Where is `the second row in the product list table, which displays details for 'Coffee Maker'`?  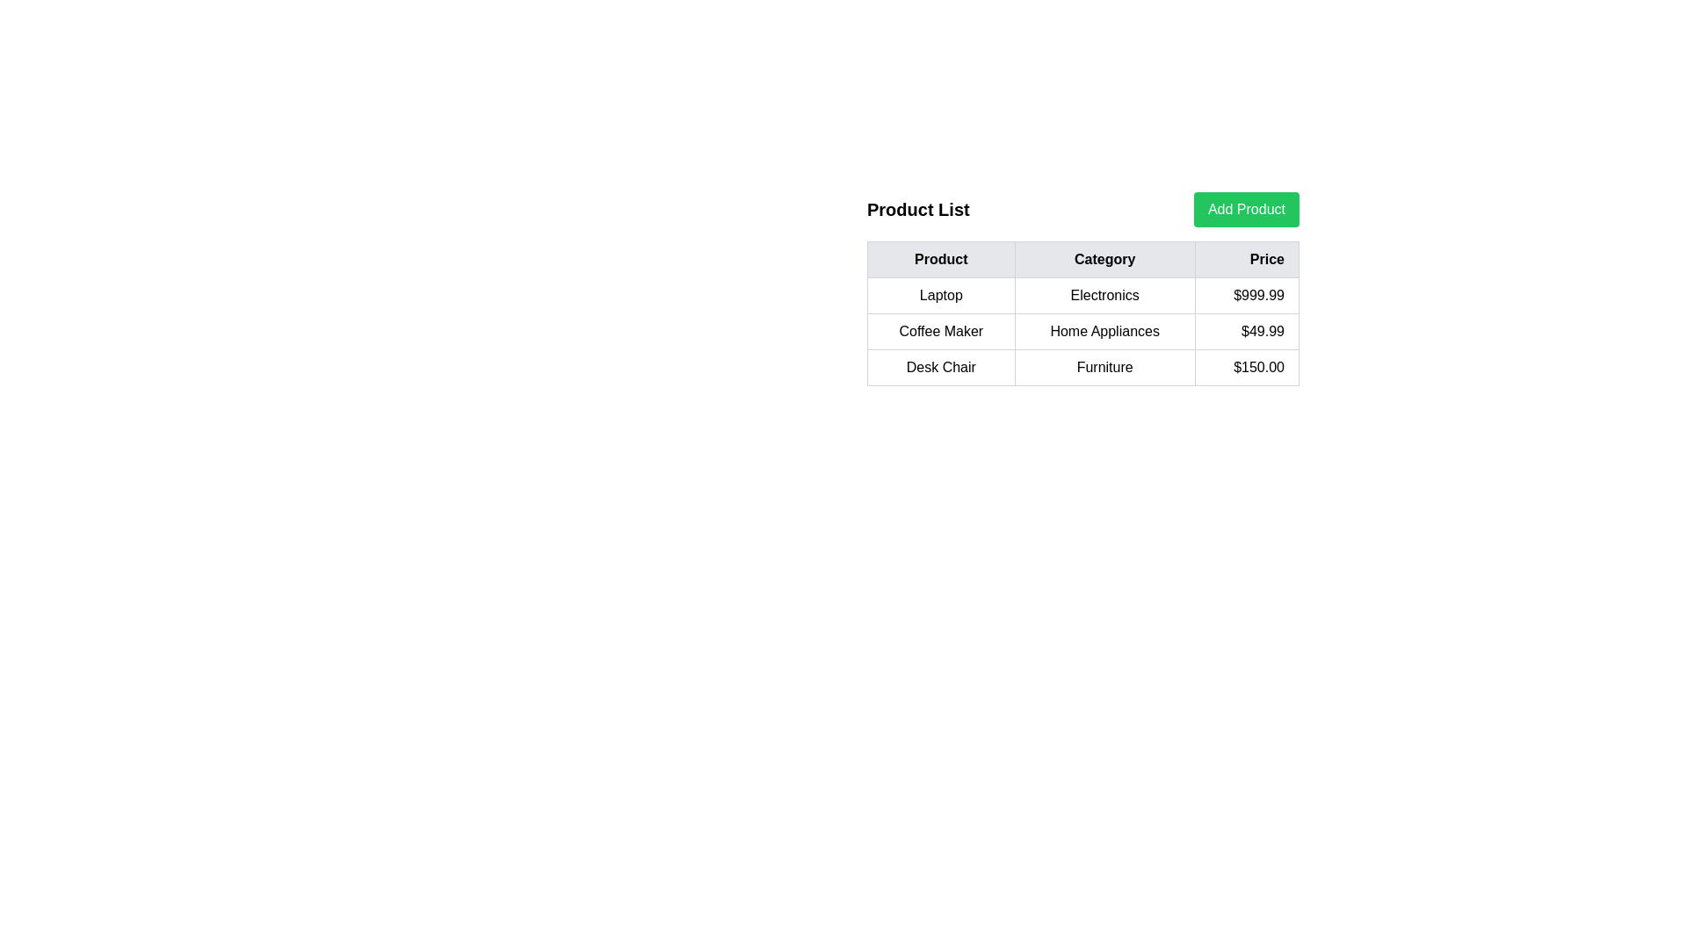 the second row in the product list table, which displays details for 'Coffee Maker' is located at coordinates (1082, 332).